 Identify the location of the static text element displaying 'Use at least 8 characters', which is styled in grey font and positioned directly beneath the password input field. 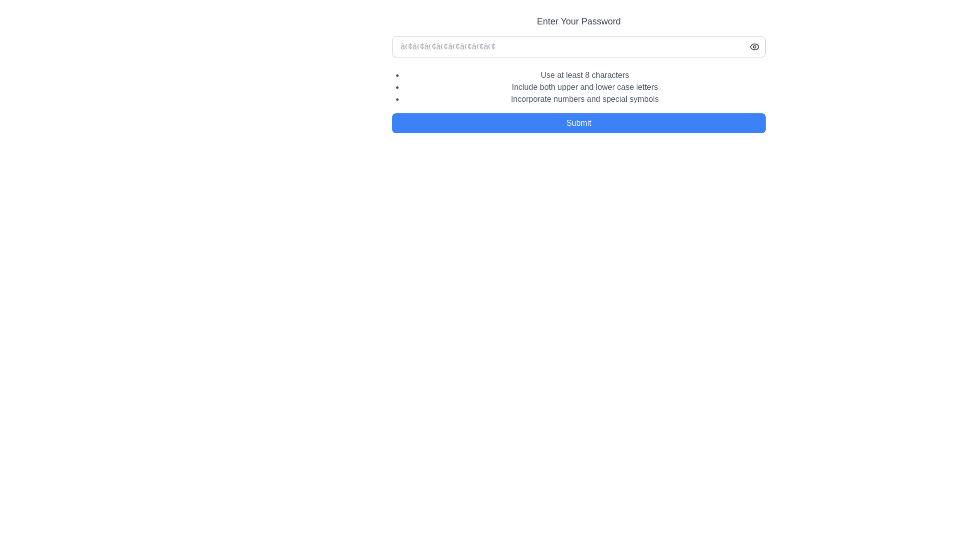
(585, 74).